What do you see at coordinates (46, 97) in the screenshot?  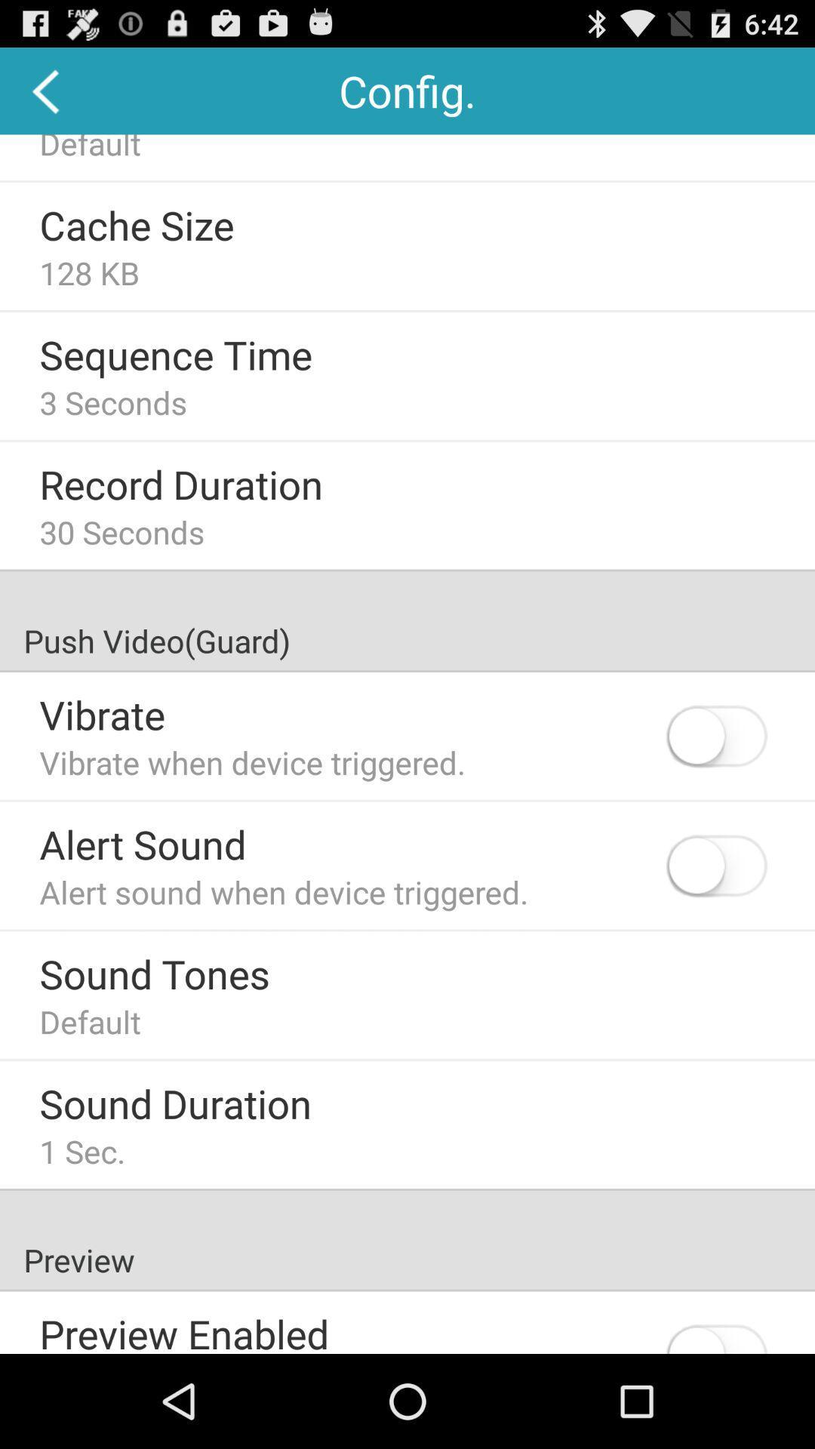 I see `the arrow_backward icon` at bounding box center [46, 97].